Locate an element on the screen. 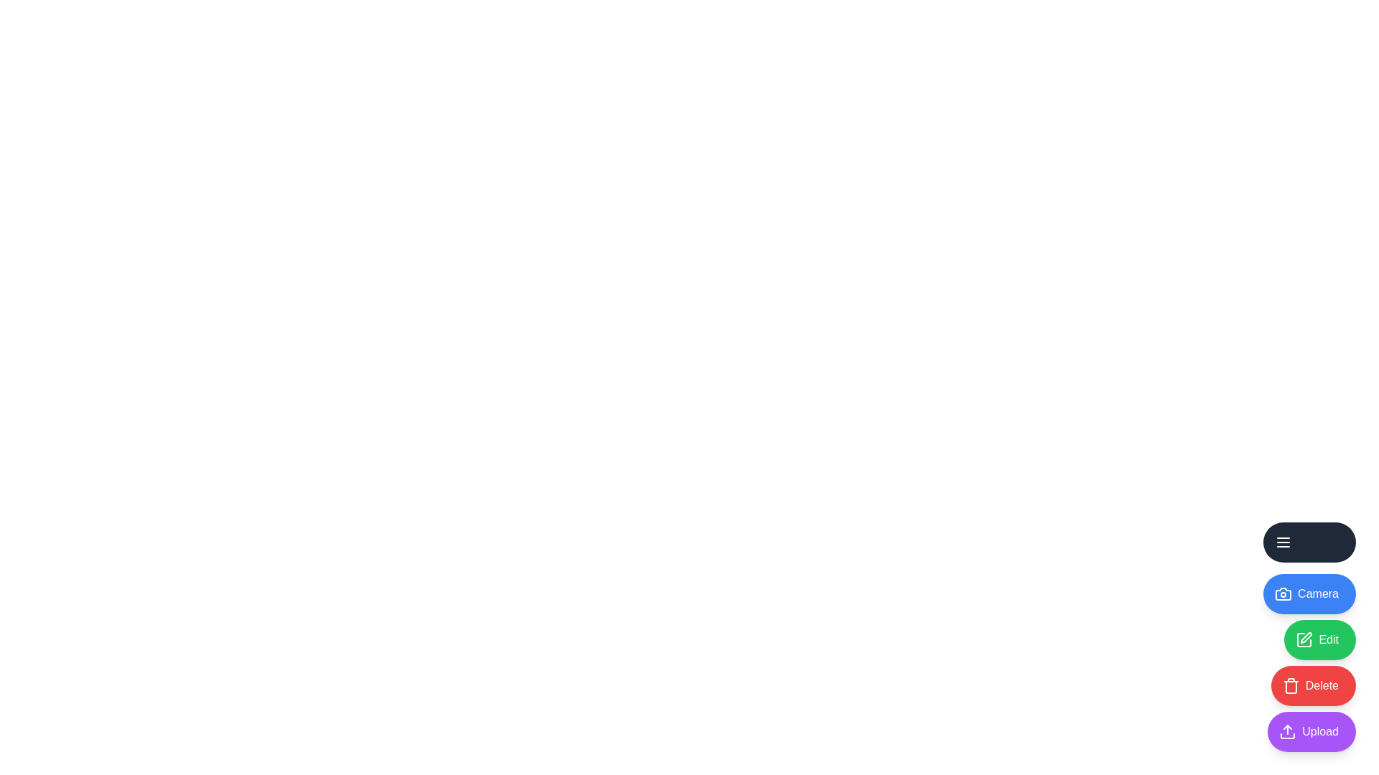  the Delete icon to interact with it is located at coordinates (1313, 685).